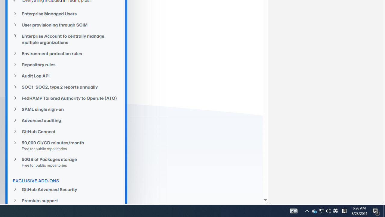 The width and height of the screenshot is (385, 217). What do you see at coordinates (66, 201) in the screenshot?
I see `'Premium support'` at bounding box center [66, 201].